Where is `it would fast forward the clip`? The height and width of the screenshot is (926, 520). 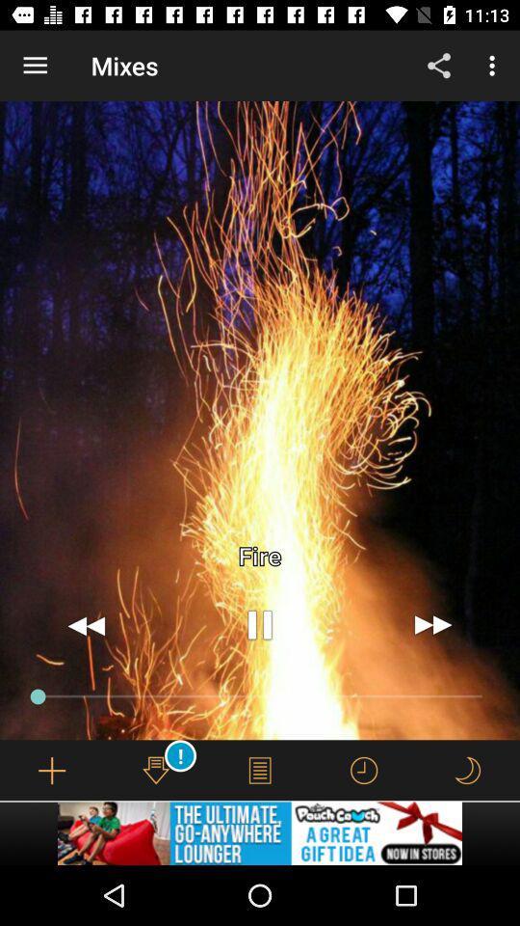 it would fast forward the clip is located at coordinates (432, 624).